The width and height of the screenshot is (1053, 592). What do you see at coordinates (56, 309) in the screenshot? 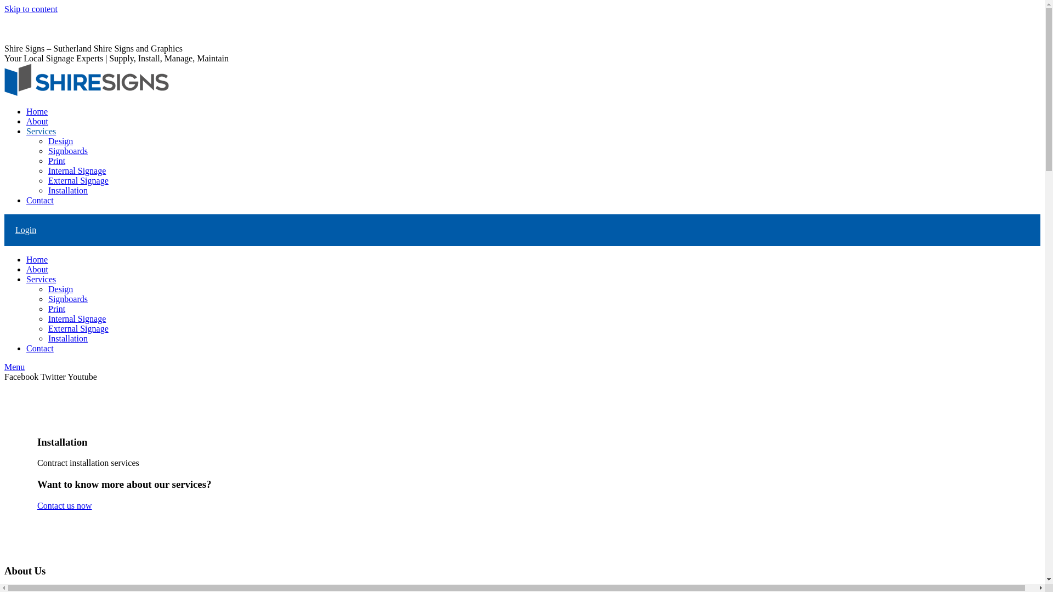
I see `'Print'` at bounding box center [56, 309].